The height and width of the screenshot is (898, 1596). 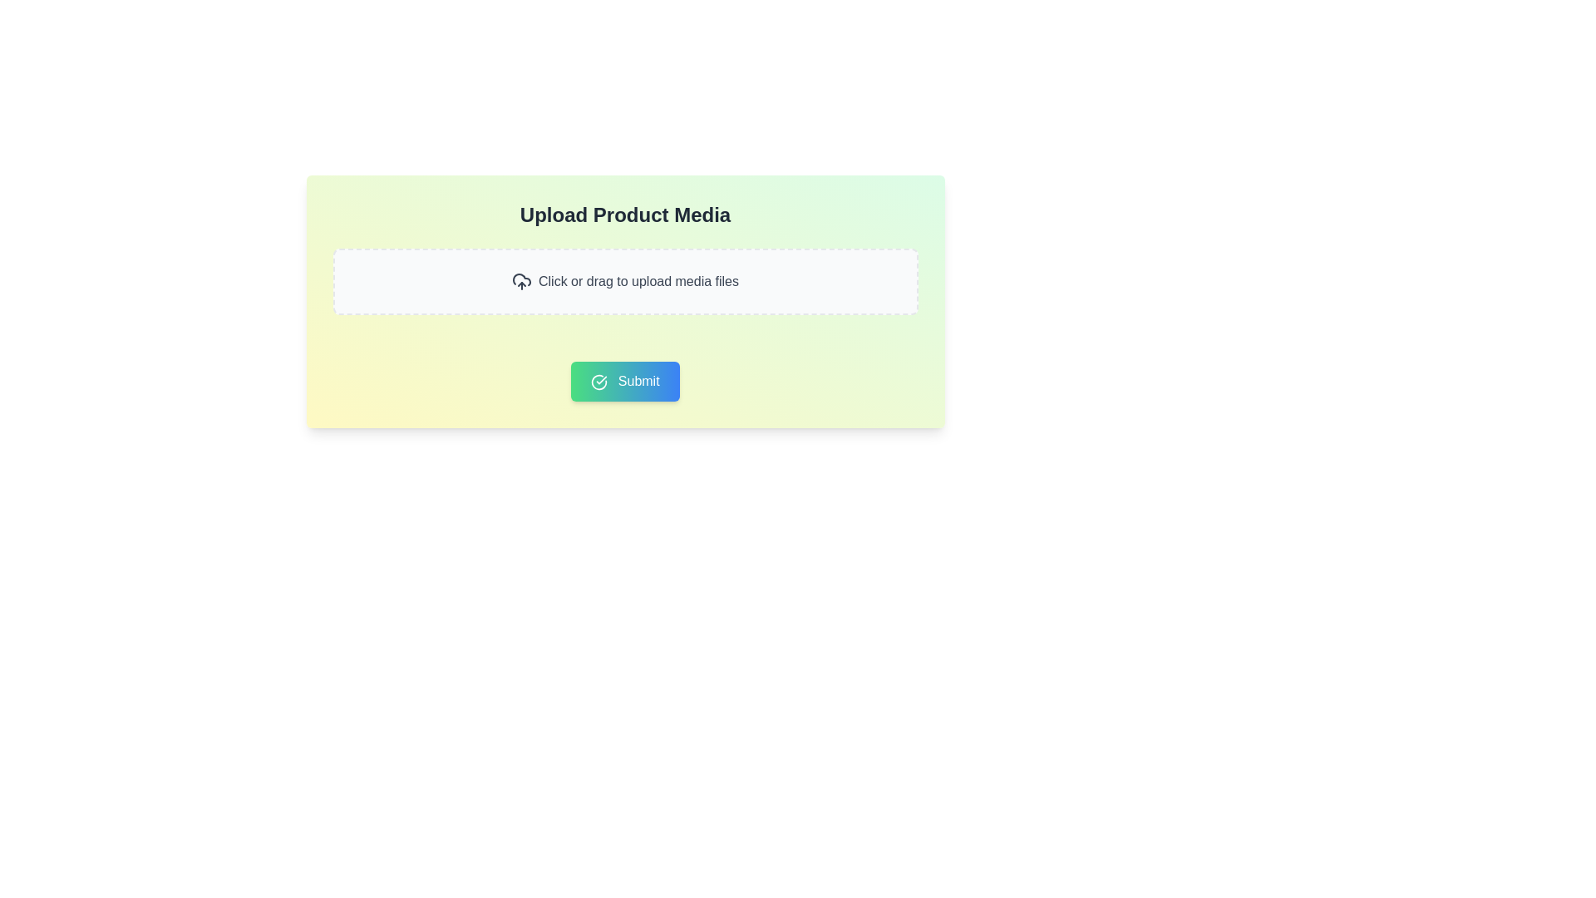 I want to click on the checkmark icon enclosed within a circle, which is located on the left side of the 'Submit' button text, so click(x=598, y=382).